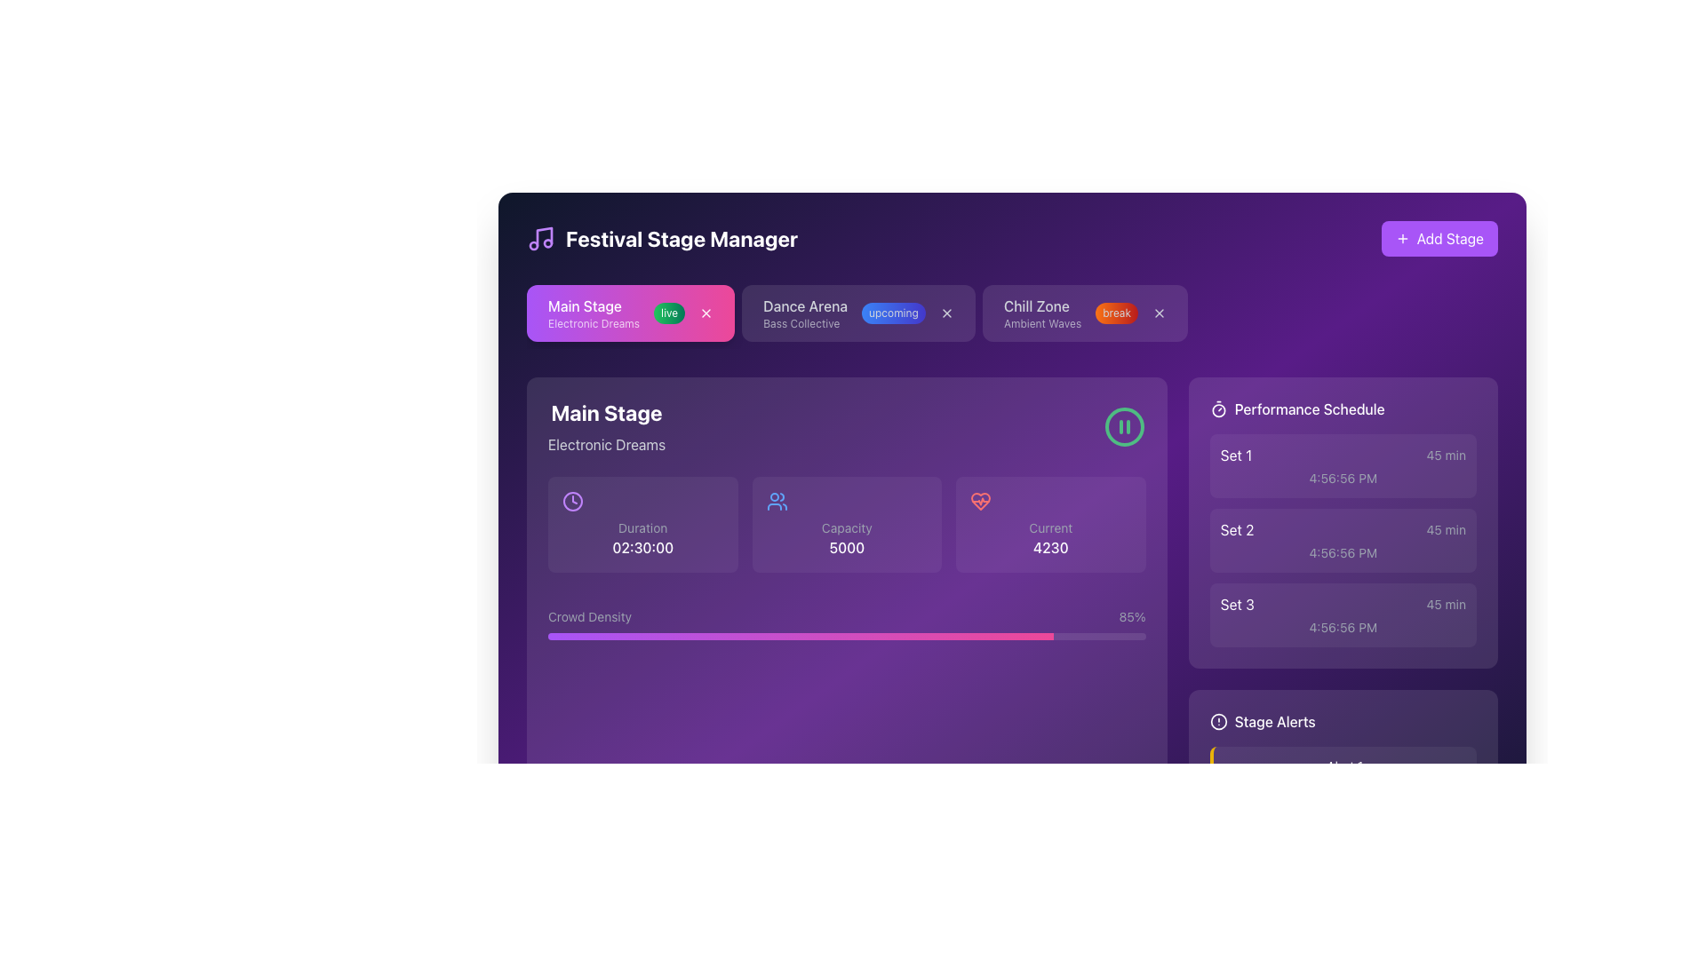  What do you see at coordinates (804, 305) in the screenshot?
I see `text label identifying the stage area named 'Dance Arena', which is located horizontally aligned among other stage labels such as 'Main Stage' and 'Chill Zone'` at bounding box center [804, 305].